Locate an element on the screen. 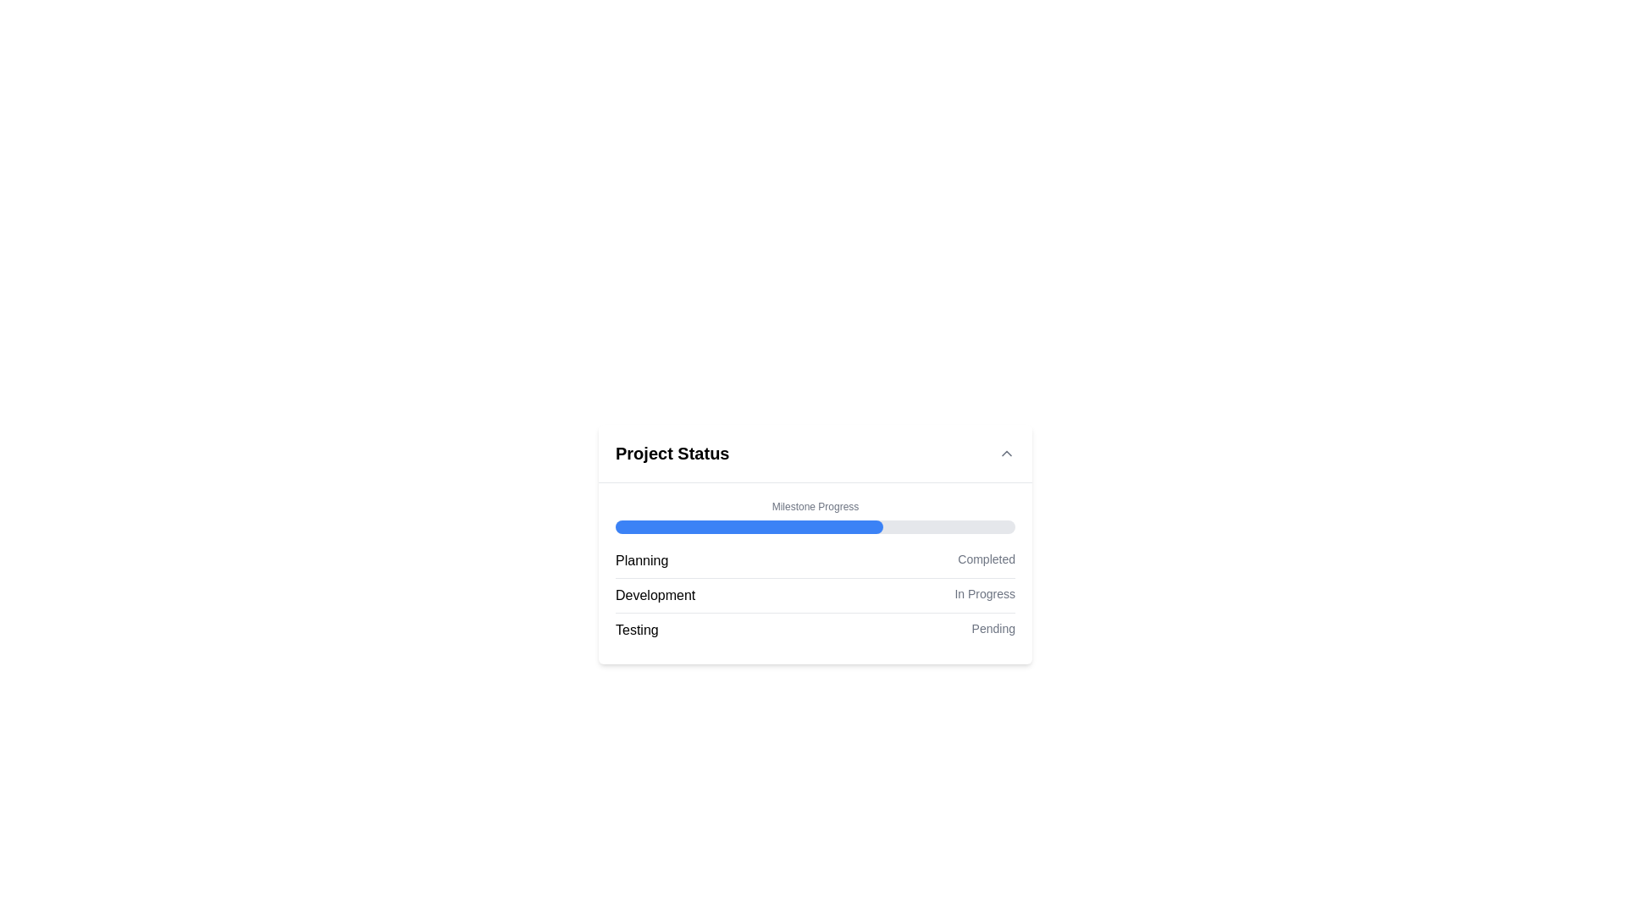  the 'Development' text label indicating the current phase in the project status overview, located in the second row of the project status list is located at coordinates (655, 595).